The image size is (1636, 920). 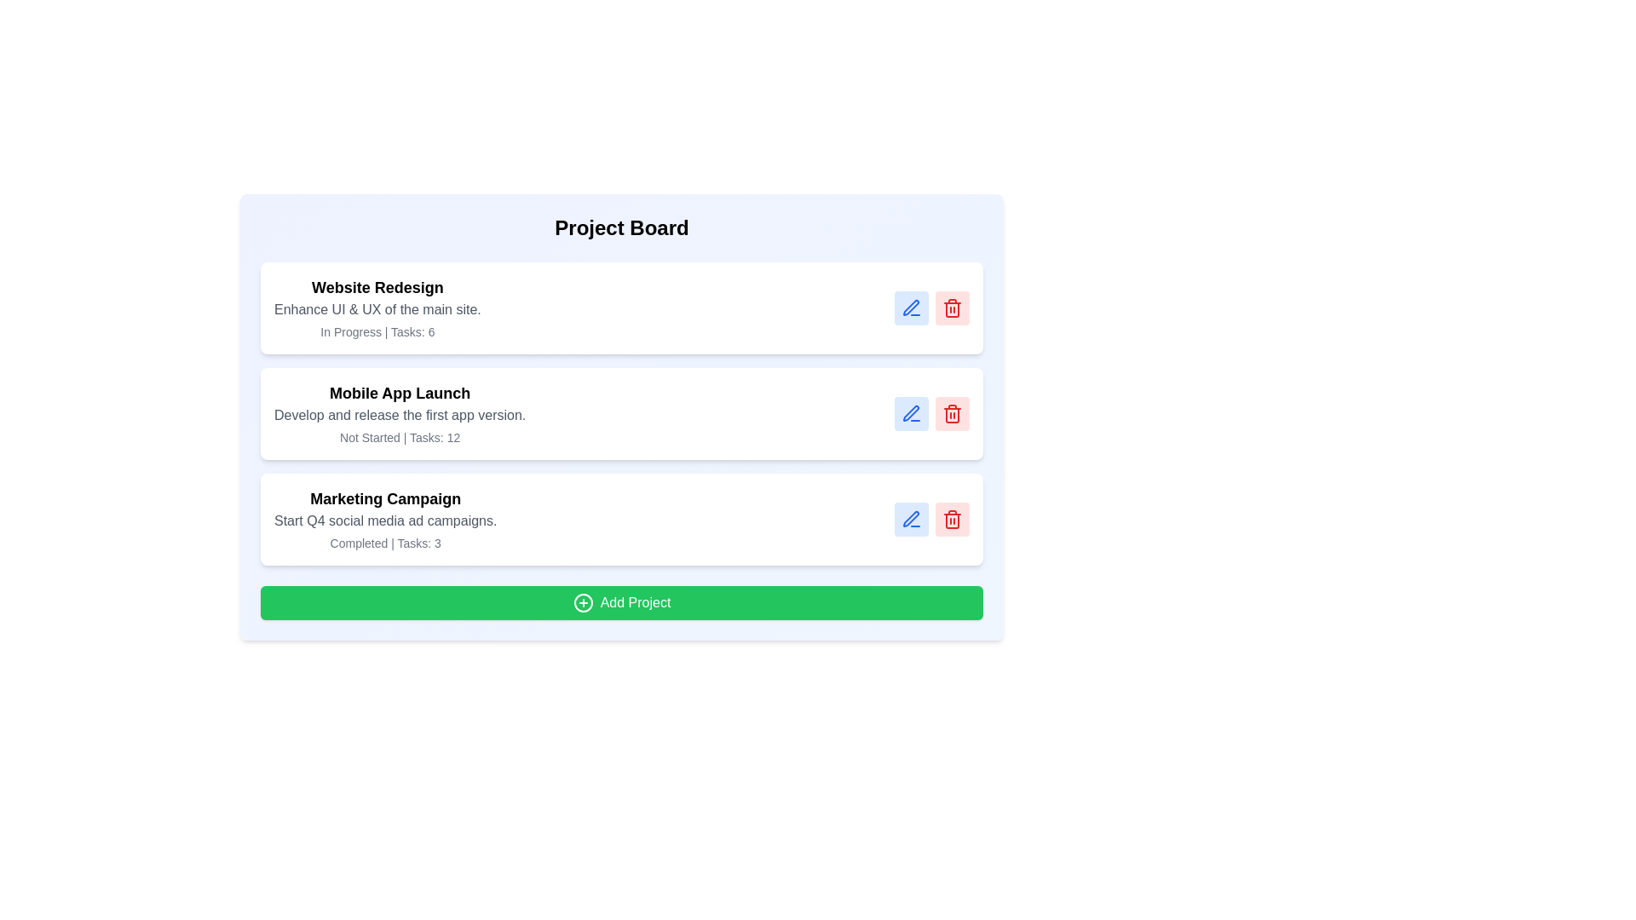 What do you see at coordinates (952, 518) in the screenshot?
I see `the delete button for the Marketing Campaign project` at bounding box center [952, 518].